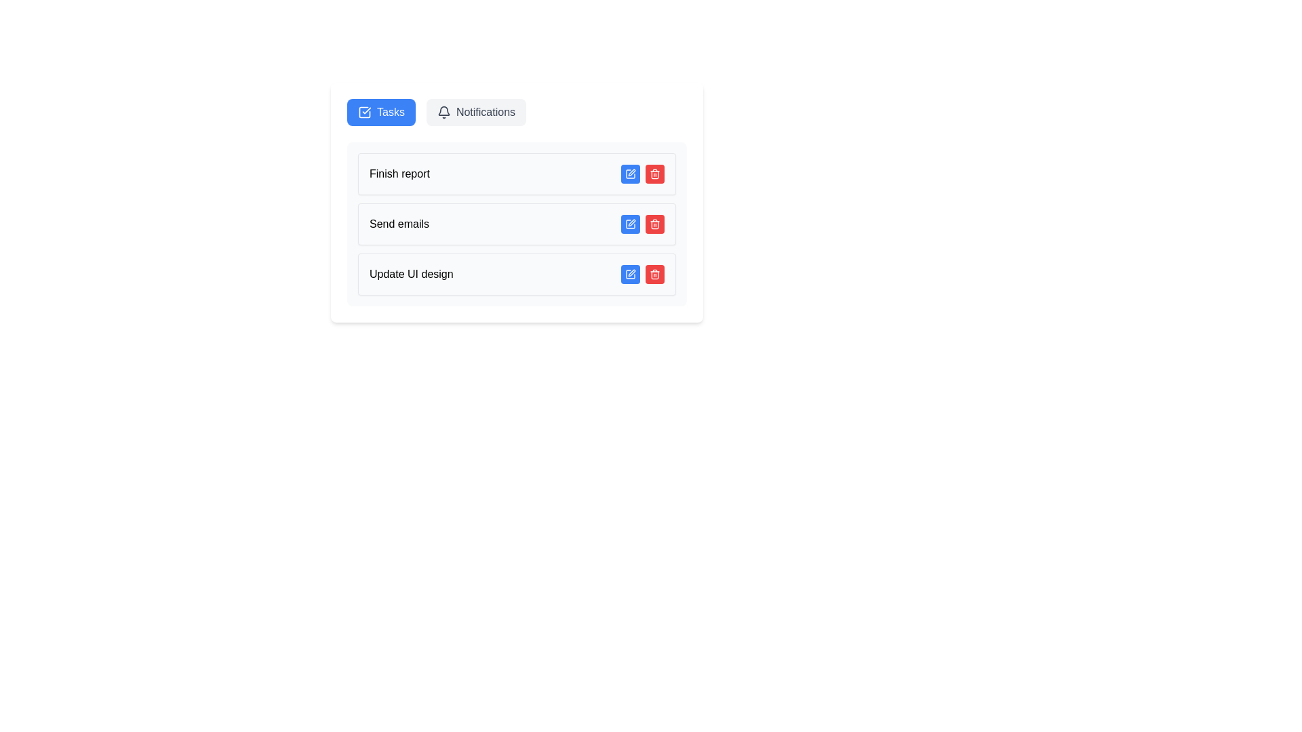 The width and height of the screenshot is (1302, 732). Describe the element at coordinates (476, 111) in the screenshot. I see `the notifications button located to the right of the 'Tasks' element` at that location.